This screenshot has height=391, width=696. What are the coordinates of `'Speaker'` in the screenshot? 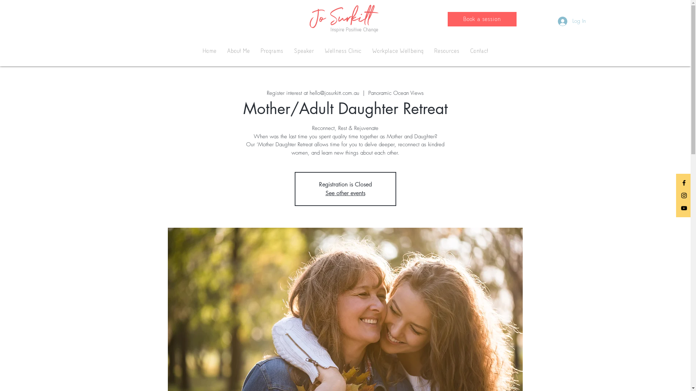 It's located at (288, 51).